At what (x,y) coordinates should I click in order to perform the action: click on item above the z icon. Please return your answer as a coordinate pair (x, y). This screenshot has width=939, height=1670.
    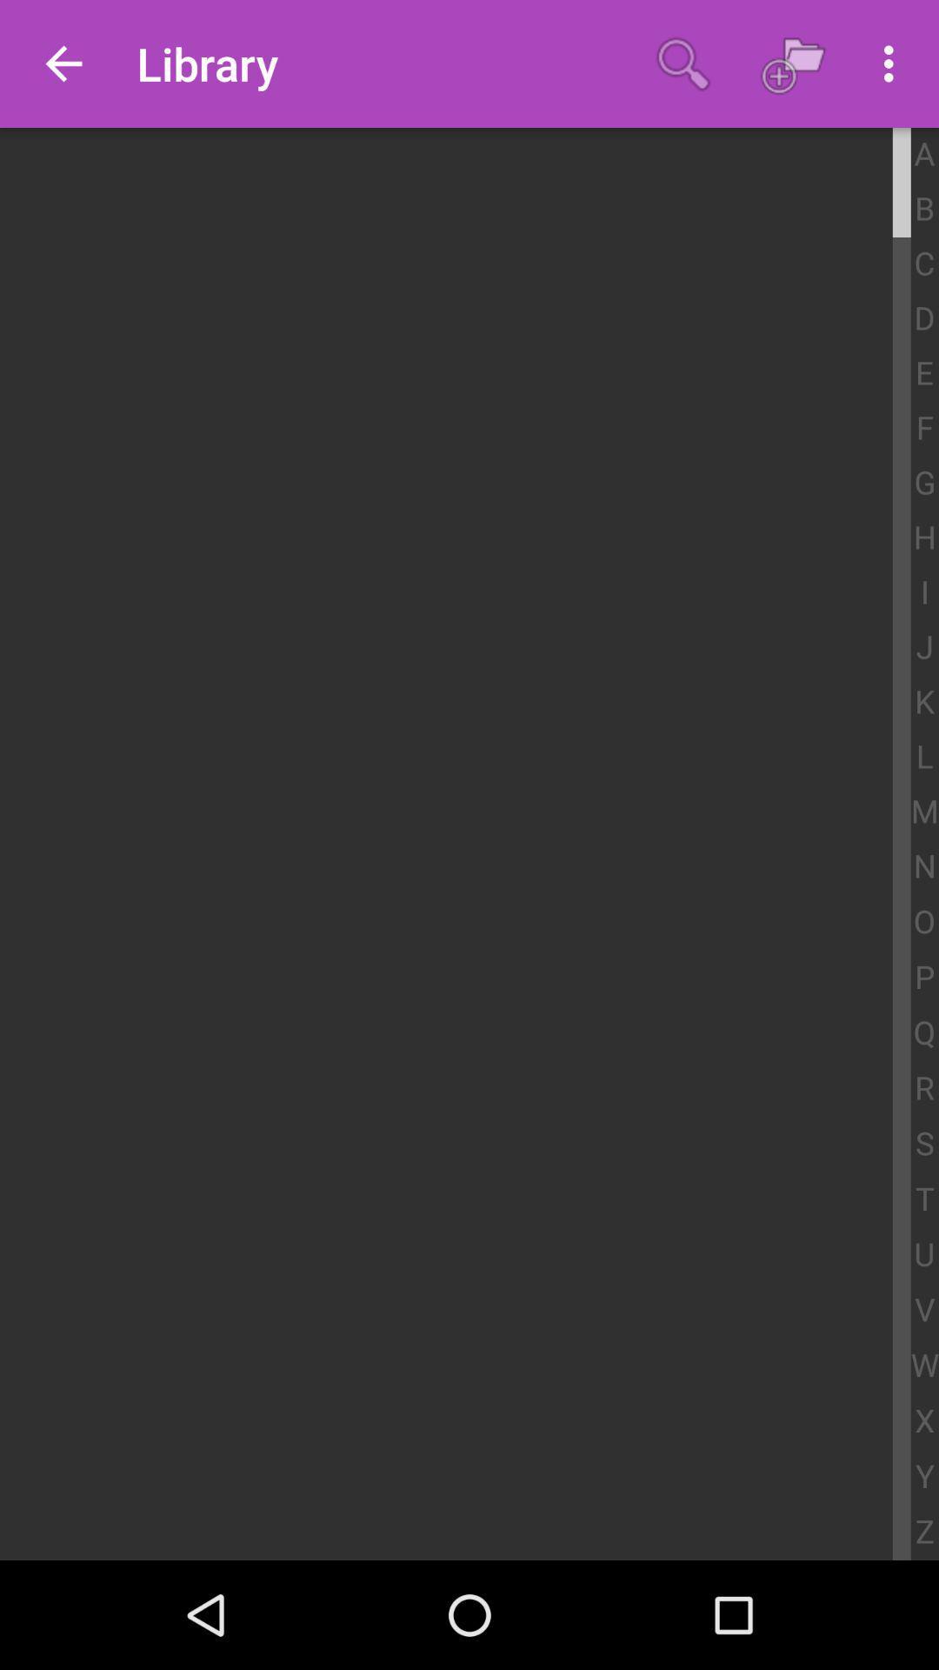
    Looking at the image, I should click on (923, 1476).